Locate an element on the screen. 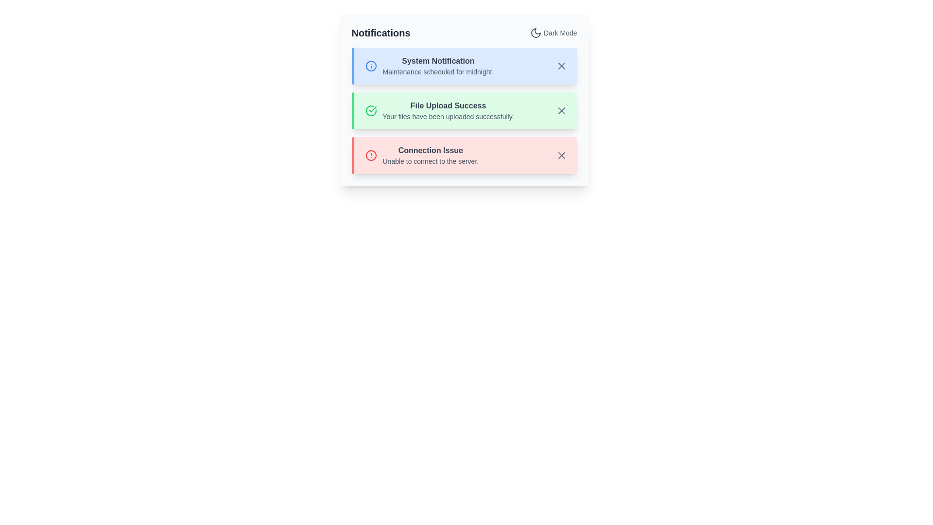 The image size is (933, 525). the Text label indicating the current mode setting, located at the upper-right corner of the notifications widget, next to the moon icon is located at coordinates (560, 33).